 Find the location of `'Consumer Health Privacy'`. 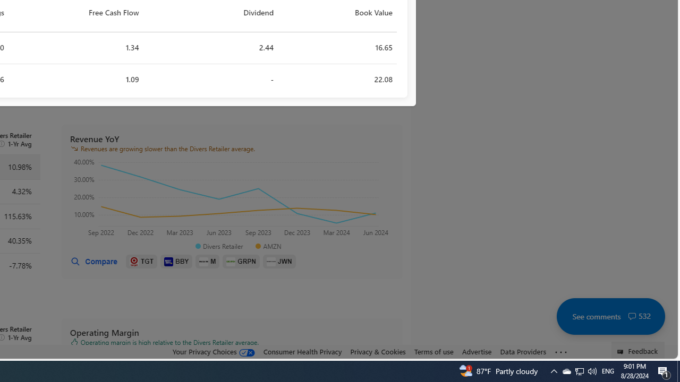

'Consumer Health Privacy' is located at coordinates (302, 352).